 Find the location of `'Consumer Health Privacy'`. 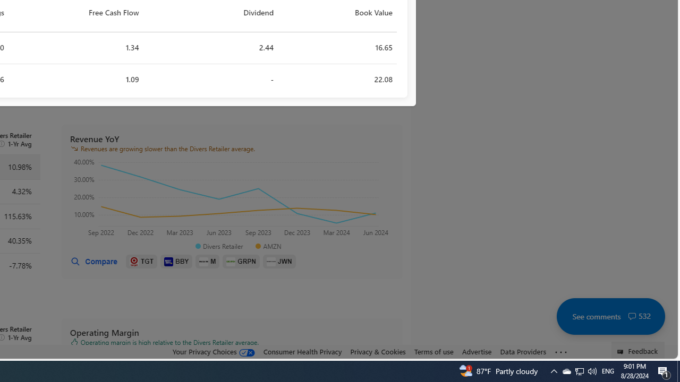

'Consumer Health Privacy' is located at coordinates (302, 352).